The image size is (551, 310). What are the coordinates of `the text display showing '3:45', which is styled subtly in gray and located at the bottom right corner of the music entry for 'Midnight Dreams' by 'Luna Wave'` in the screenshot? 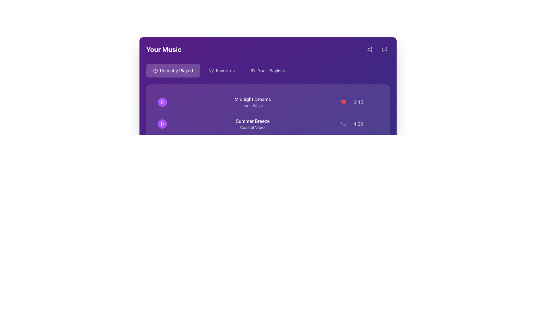 It's located at (358, 102).